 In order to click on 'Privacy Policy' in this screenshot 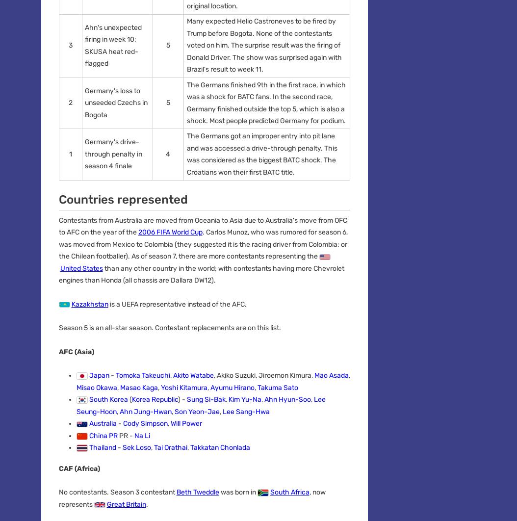, I will do `click(233, 293)`.